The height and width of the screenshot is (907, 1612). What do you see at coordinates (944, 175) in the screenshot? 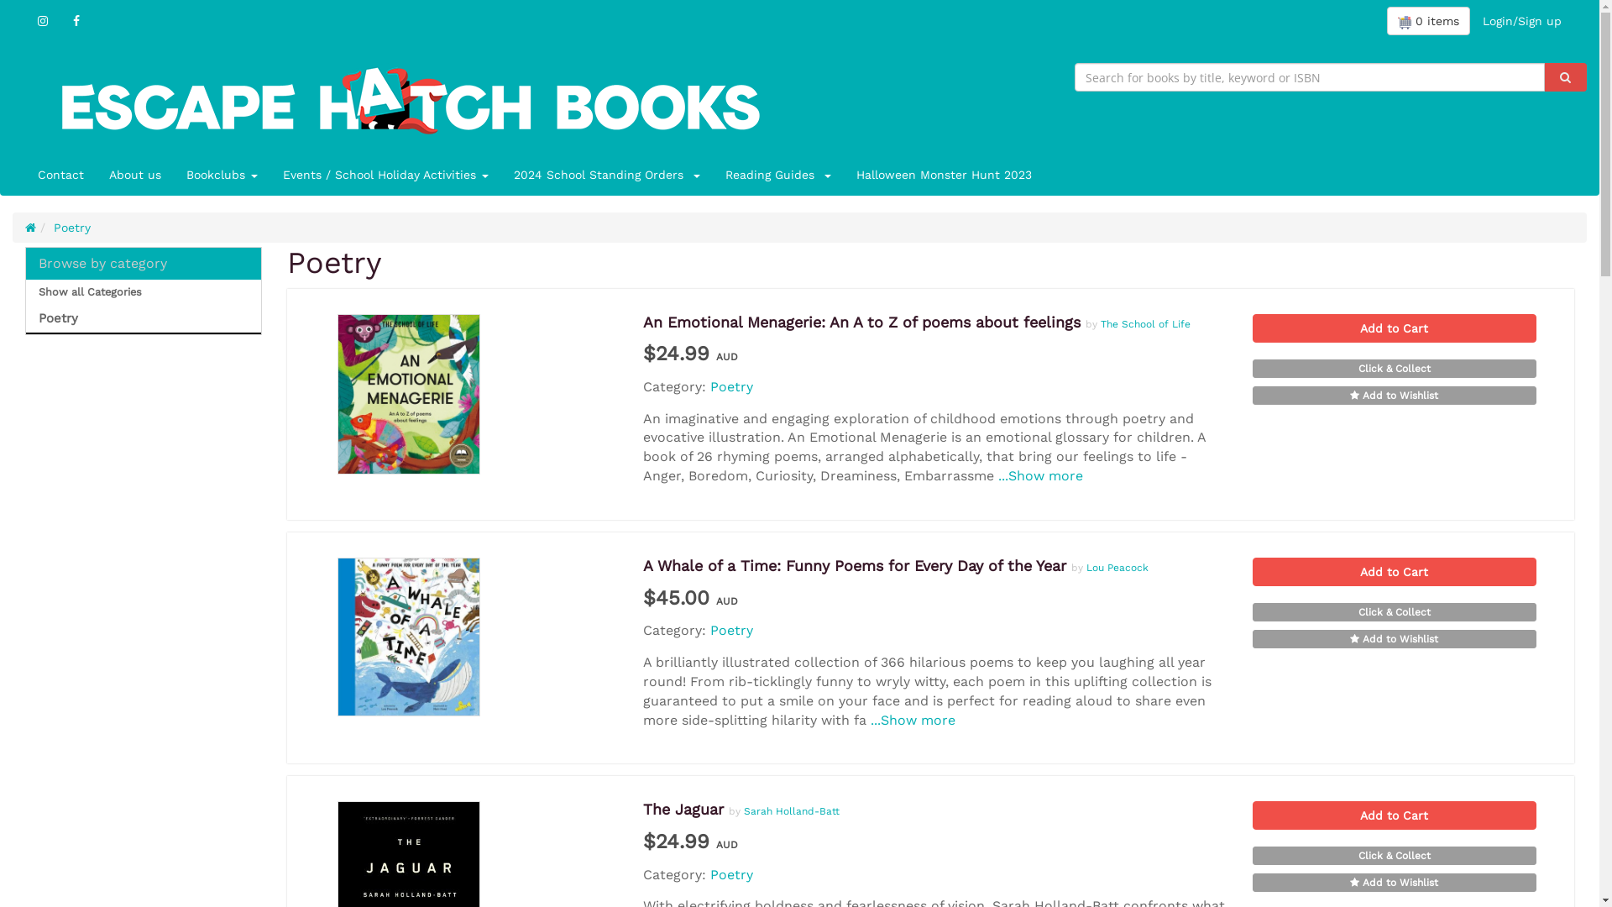
I see `'Halloween Monster Hunt 2023'` at bounding box center [944, 175].